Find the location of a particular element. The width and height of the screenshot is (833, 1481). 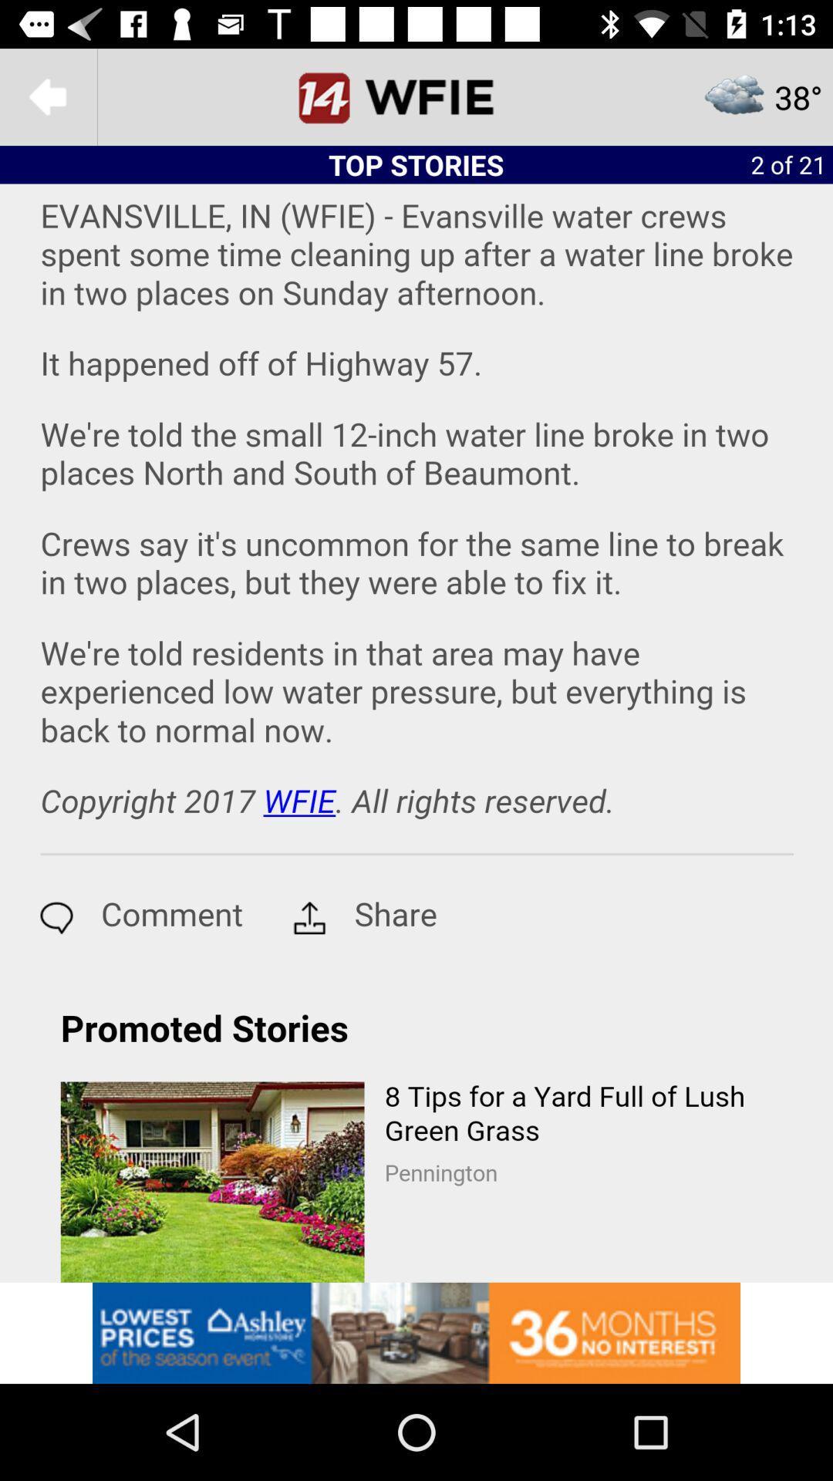

the arrow_backward icon is located at coordinates (47, 96).